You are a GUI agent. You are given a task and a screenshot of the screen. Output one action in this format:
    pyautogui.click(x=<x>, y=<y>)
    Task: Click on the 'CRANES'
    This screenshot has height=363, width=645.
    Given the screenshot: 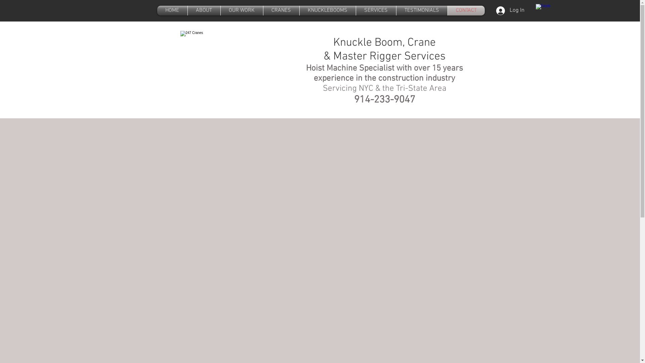 What is the action you would take?
    pyautogui.click(x=281, y=10)
    